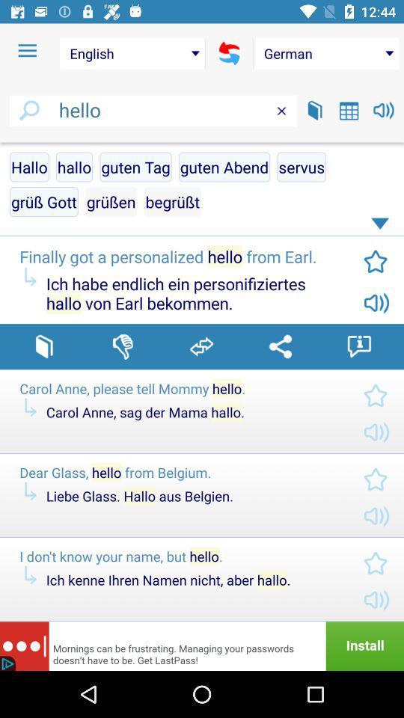  I want to click on refresh the screen option, so click(229, 53).